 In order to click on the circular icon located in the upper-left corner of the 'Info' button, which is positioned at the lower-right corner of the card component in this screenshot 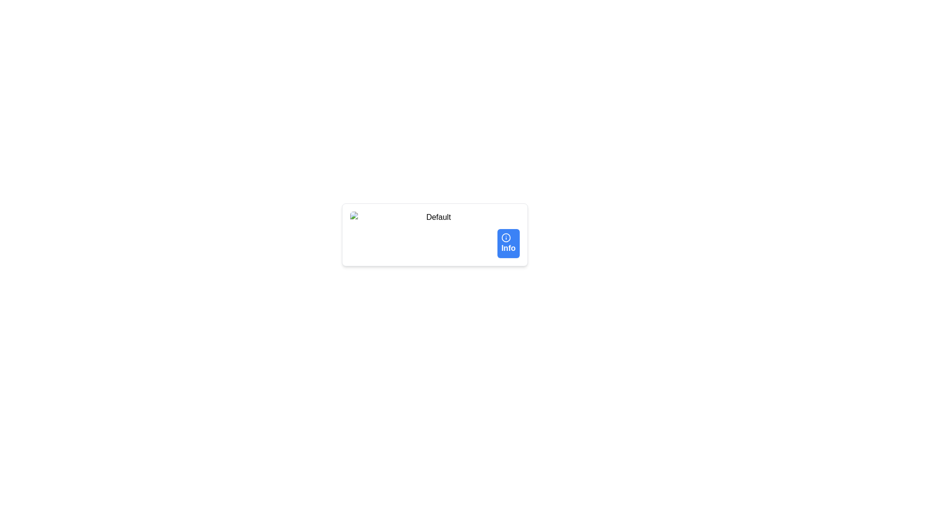, I will do `click(506, 237)`.